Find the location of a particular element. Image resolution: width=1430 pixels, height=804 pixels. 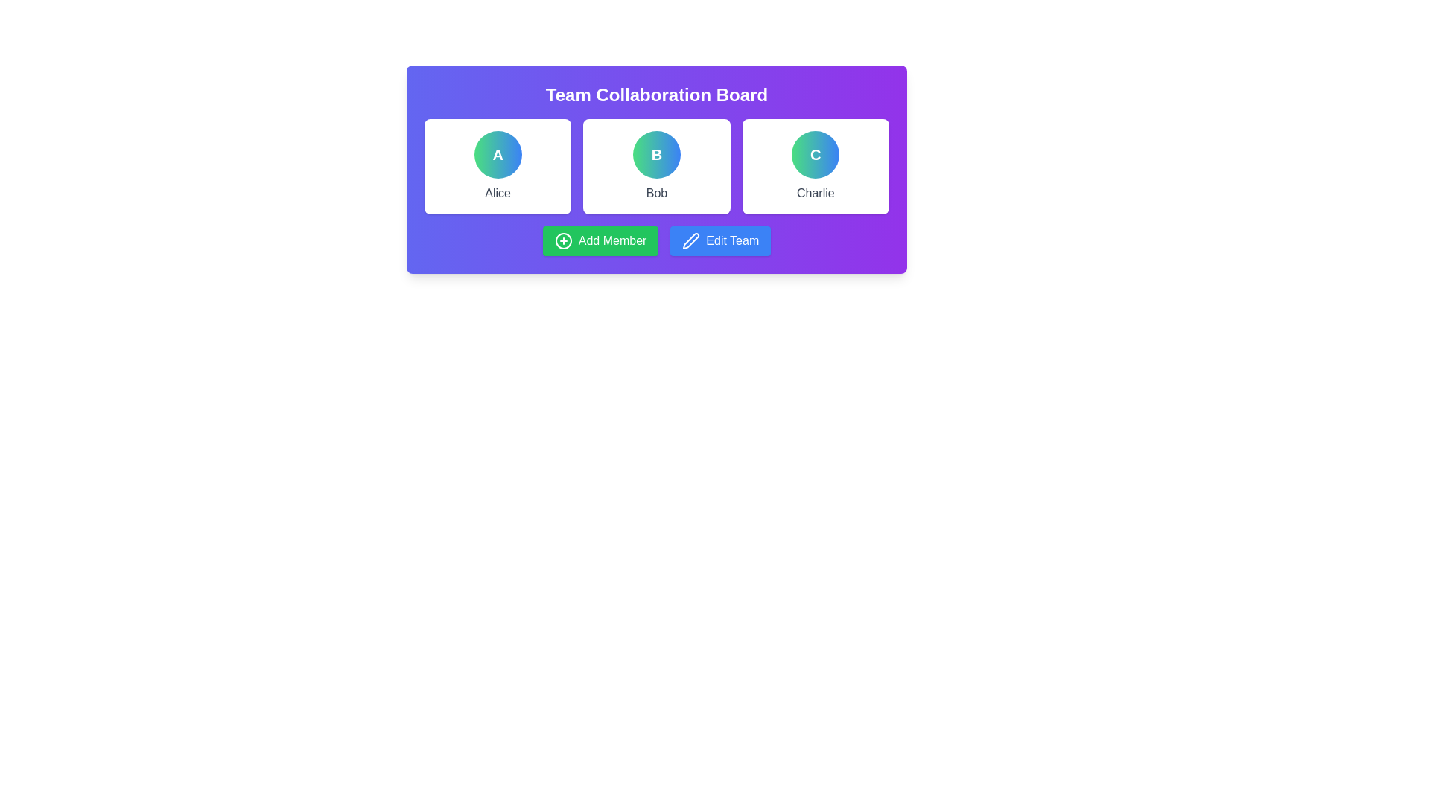

the SVG Circle element located within the 'Add Member' button is located at coordinates (562, 240).